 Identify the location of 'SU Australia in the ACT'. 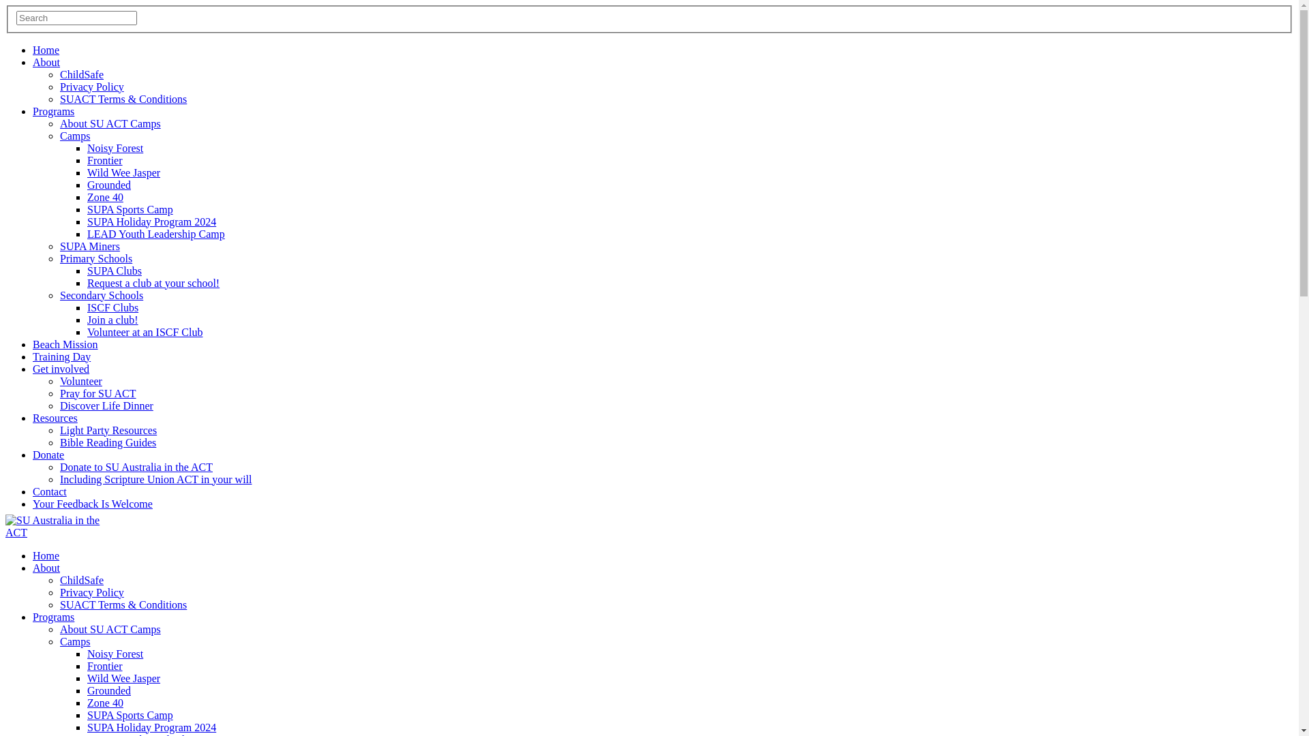
(52, 525).